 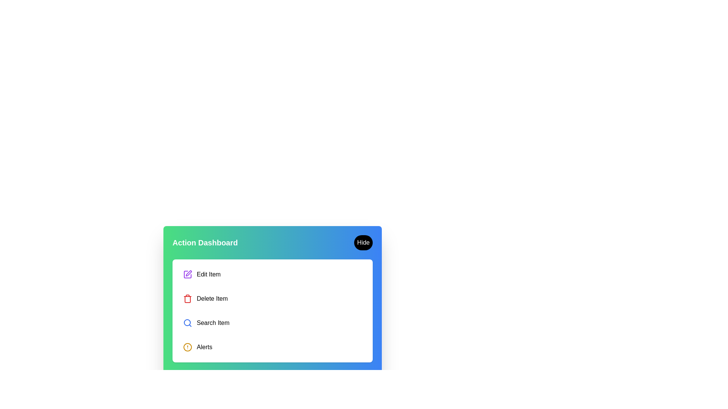 I want to click on the third text label in the 'Action Dashboard' panel, which is positioned below 'Delete Item' and above 'Alerts', to interact with the search functionality, so click(x=212, y=323).